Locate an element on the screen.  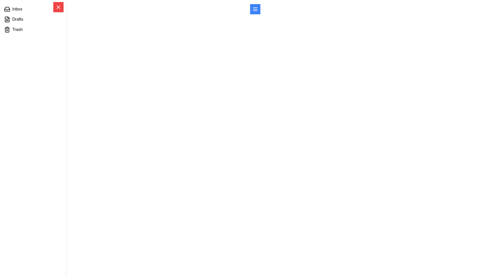
the menu item Trash to visually explore its text and icon is located at coordinates (33, 29).